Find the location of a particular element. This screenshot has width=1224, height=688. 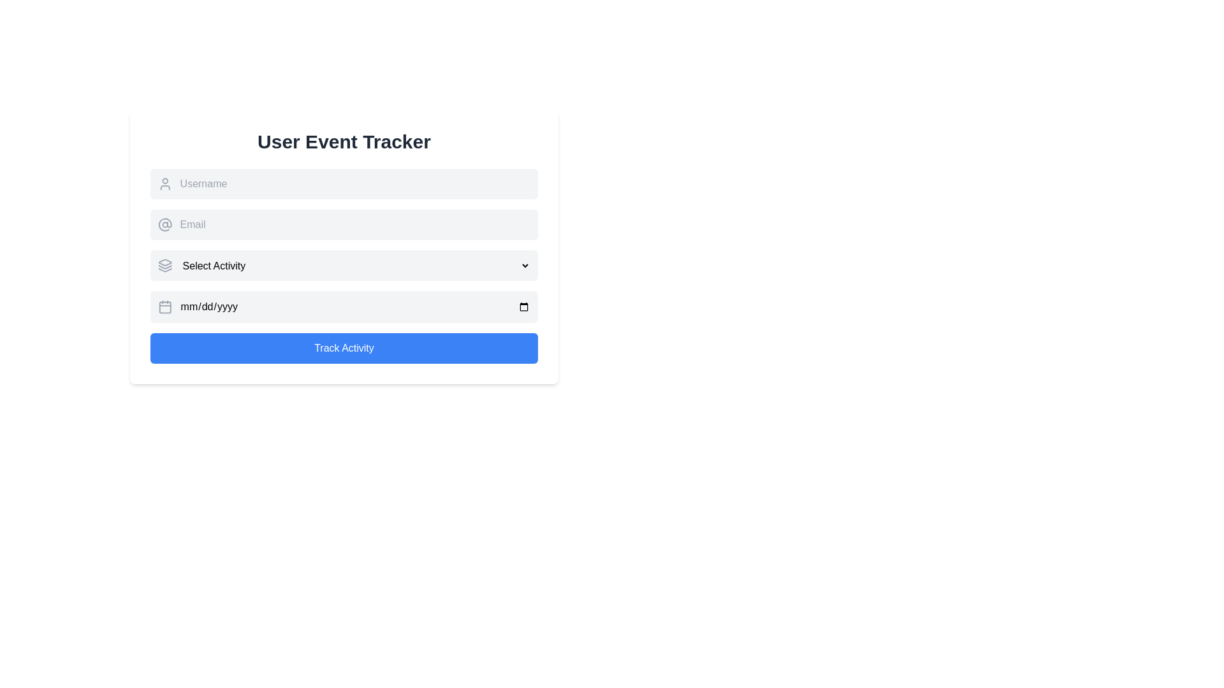

the user profile icon, which is a simplistic outline of a person in gray, positioned to the left of the username text input field is located at coordinates (164, 184).